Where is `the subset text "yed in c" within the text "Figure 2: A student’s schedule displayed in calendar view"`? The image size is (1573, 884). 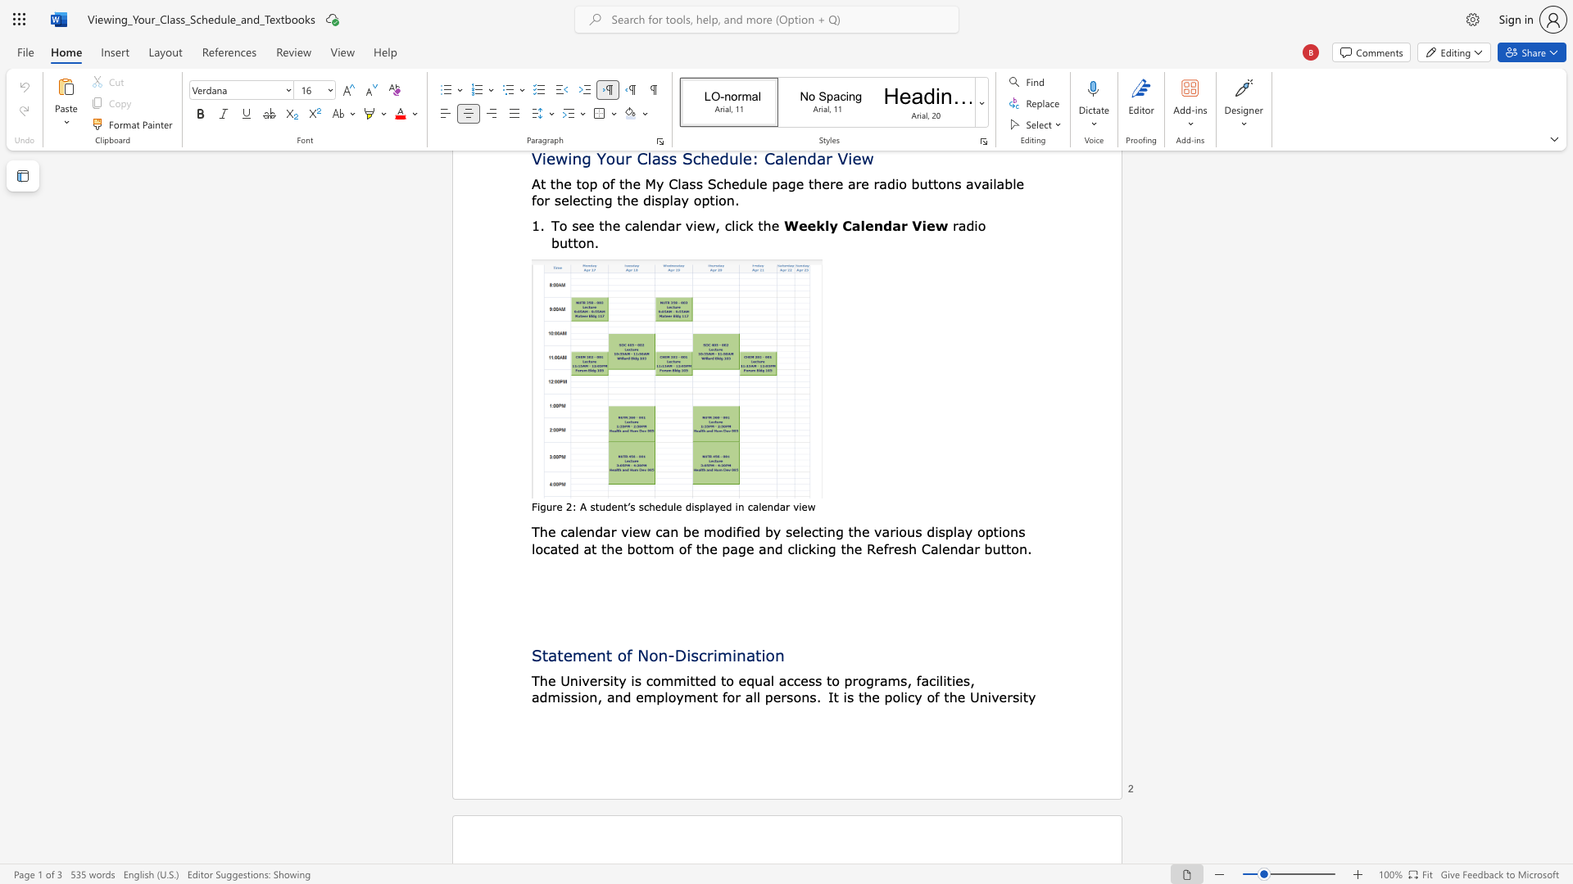
the subset text "yed in c" within the text "Figure 2: A student’s schedule displayed in calendar view" is located at coordinates (714, 506).